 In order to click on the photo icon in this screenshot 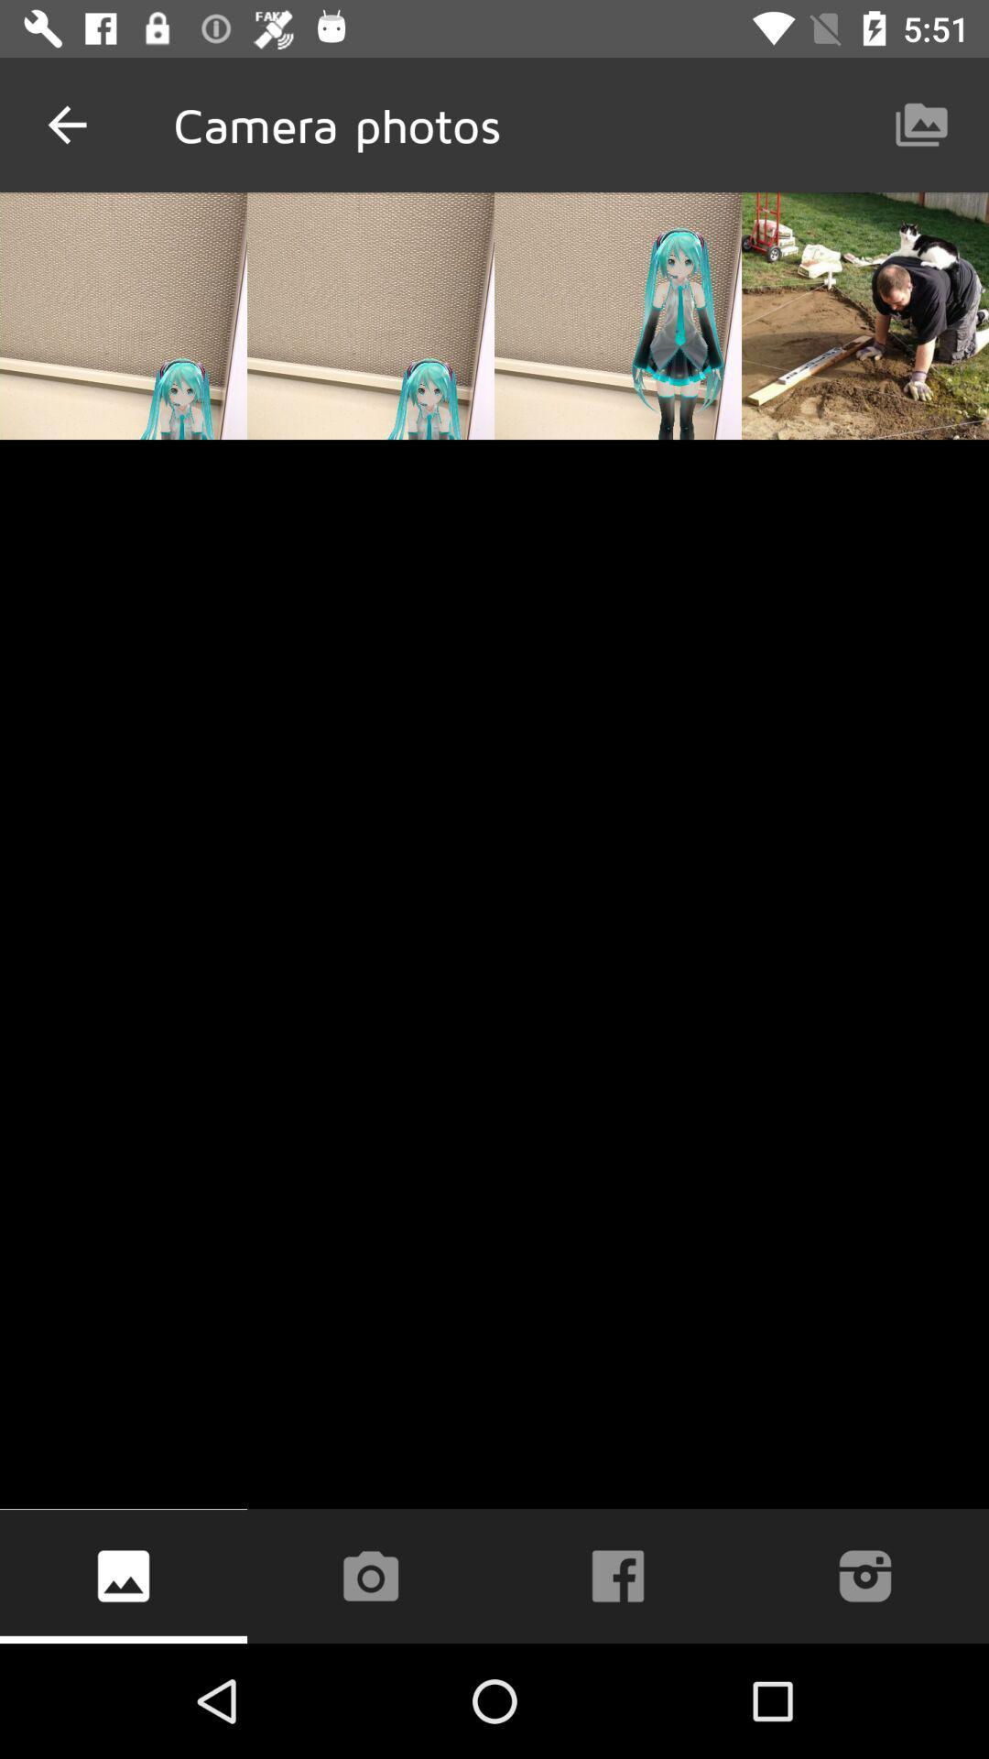, I will do `click(865, 1575)`.